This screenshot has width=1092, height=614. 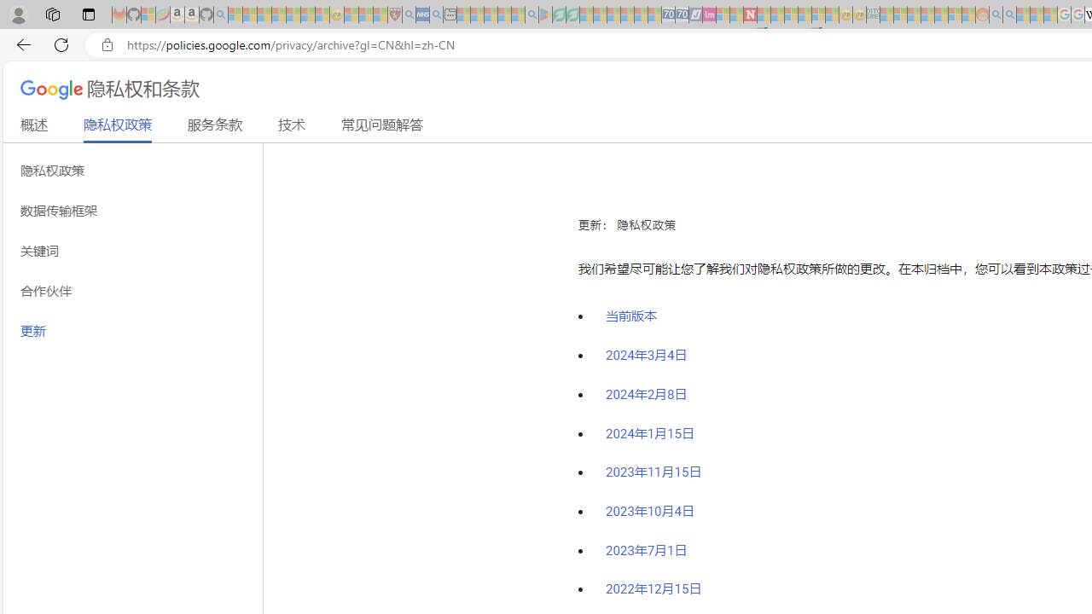 What do you see at coordinates (900, 14) in the screenshot?
I see `'Microsoft account | Privacy - Sleeping'` at bounding box center [900, 14].